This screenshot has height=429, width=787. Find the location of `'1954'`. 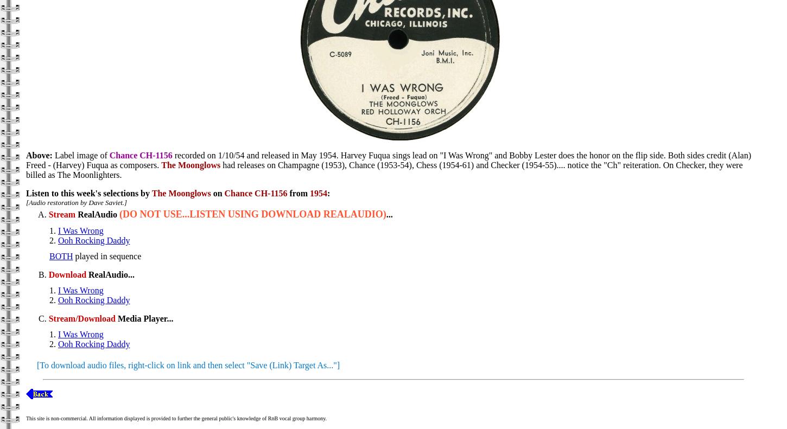

'1954' is located at coordinates (310, 193).